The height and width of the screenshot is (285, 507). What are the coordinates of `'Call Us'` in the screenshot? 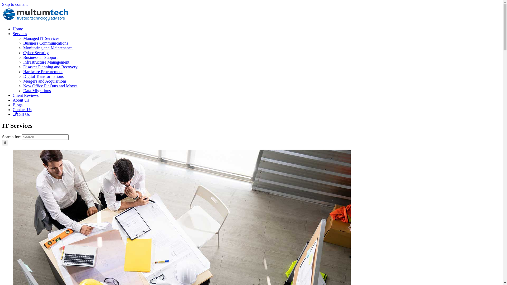 It's located at (13, 114).